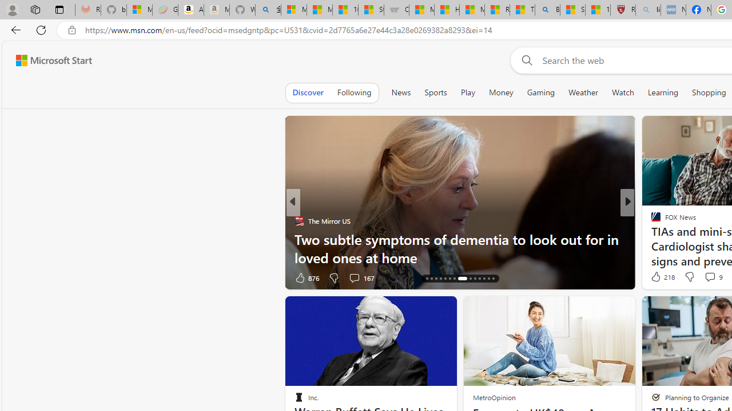 Image resolution: width=732 pixels, height=411 pixels. What do you see at coordinates (480, 279) in the screenshot?
I see `'AutomationID: tab-25'` at bounding box center [480, 279].